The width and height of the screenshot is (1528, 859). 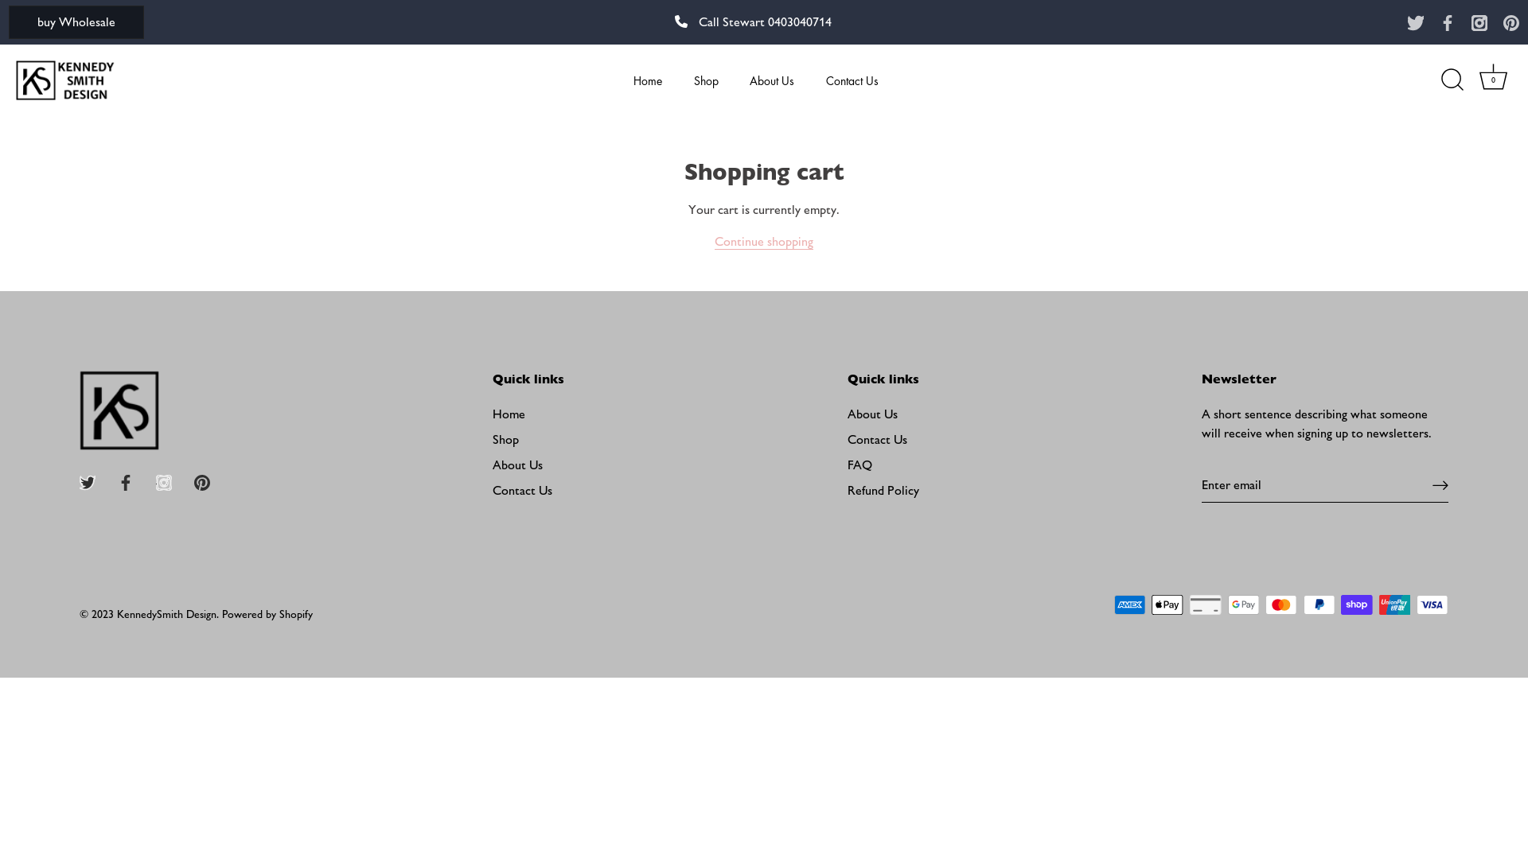 What do you see at coordinates (876, 439) in the screenshot?
I see `'Contact Us'` at bounding box center [876, 439].